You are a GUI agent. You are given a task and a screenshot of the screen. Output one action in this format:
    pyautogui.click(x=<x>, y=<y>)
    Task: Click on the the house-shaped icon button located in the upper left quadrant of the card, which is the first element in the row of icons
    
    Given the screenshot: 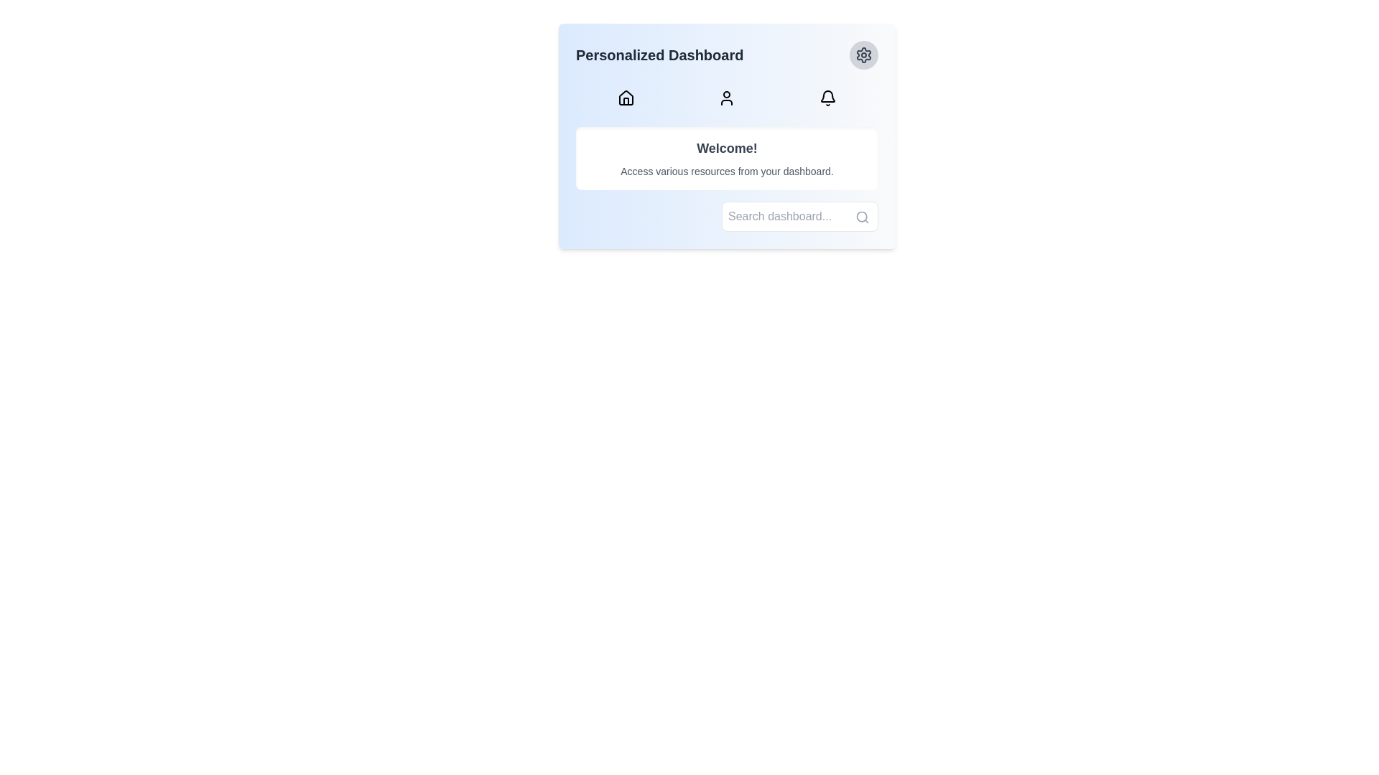 What is the action you would take?
    pyautogui.click(x=626, y=98)
    